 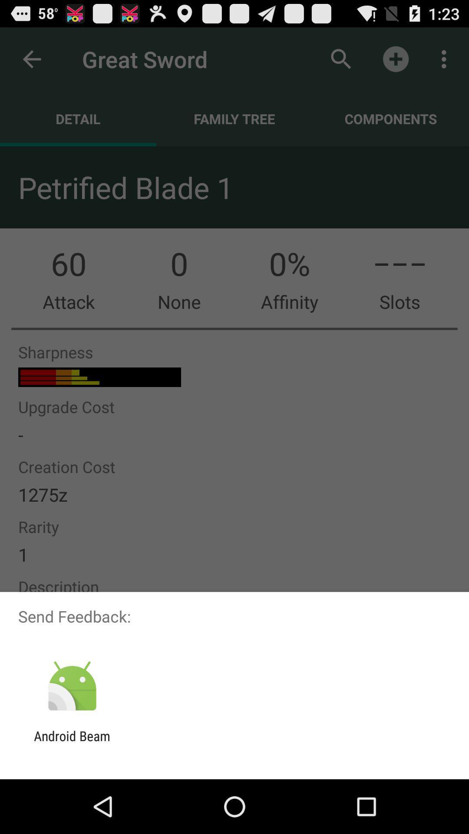 What do you see at coordinates (72, 743) in the screenshot?
I see `the android beam` at bounding box center [72, 743].